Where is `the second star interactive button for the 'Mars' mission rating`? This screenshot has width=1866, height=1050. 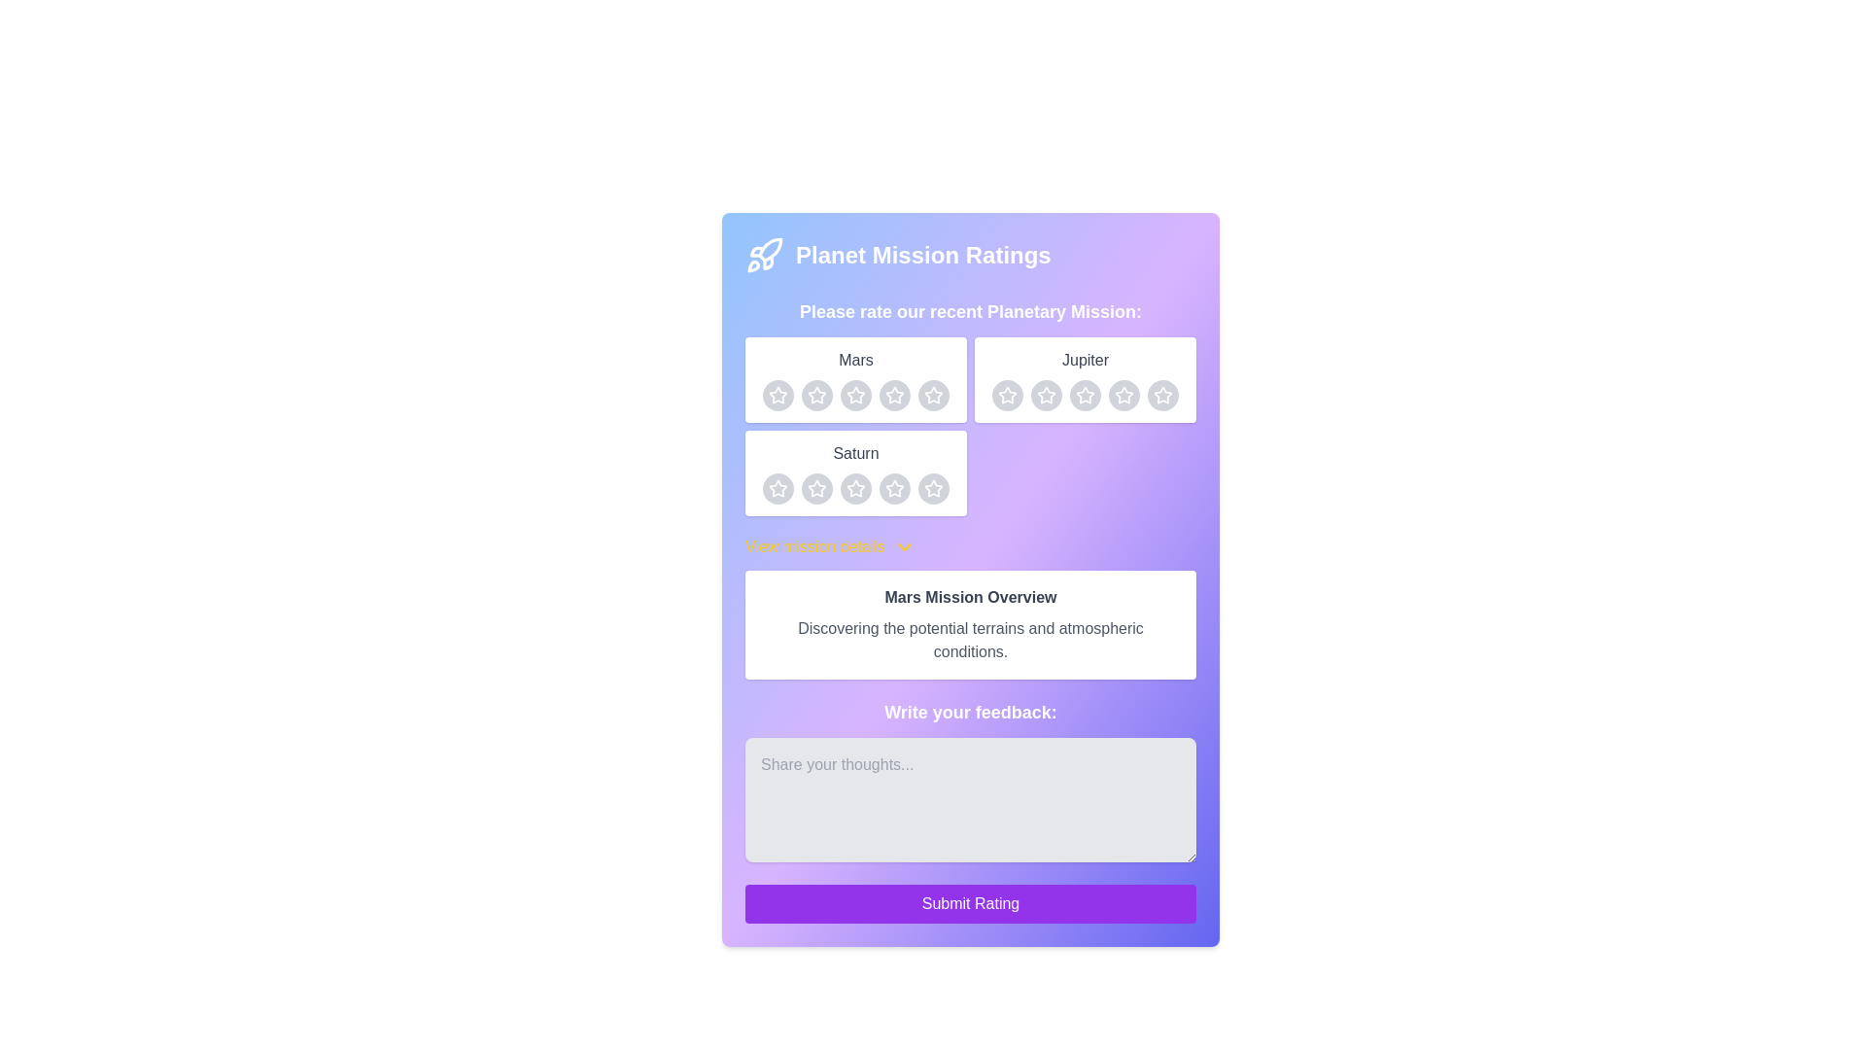
the second star interactive button for the 'Mars' mission rating is located at coordinates (816, 395).